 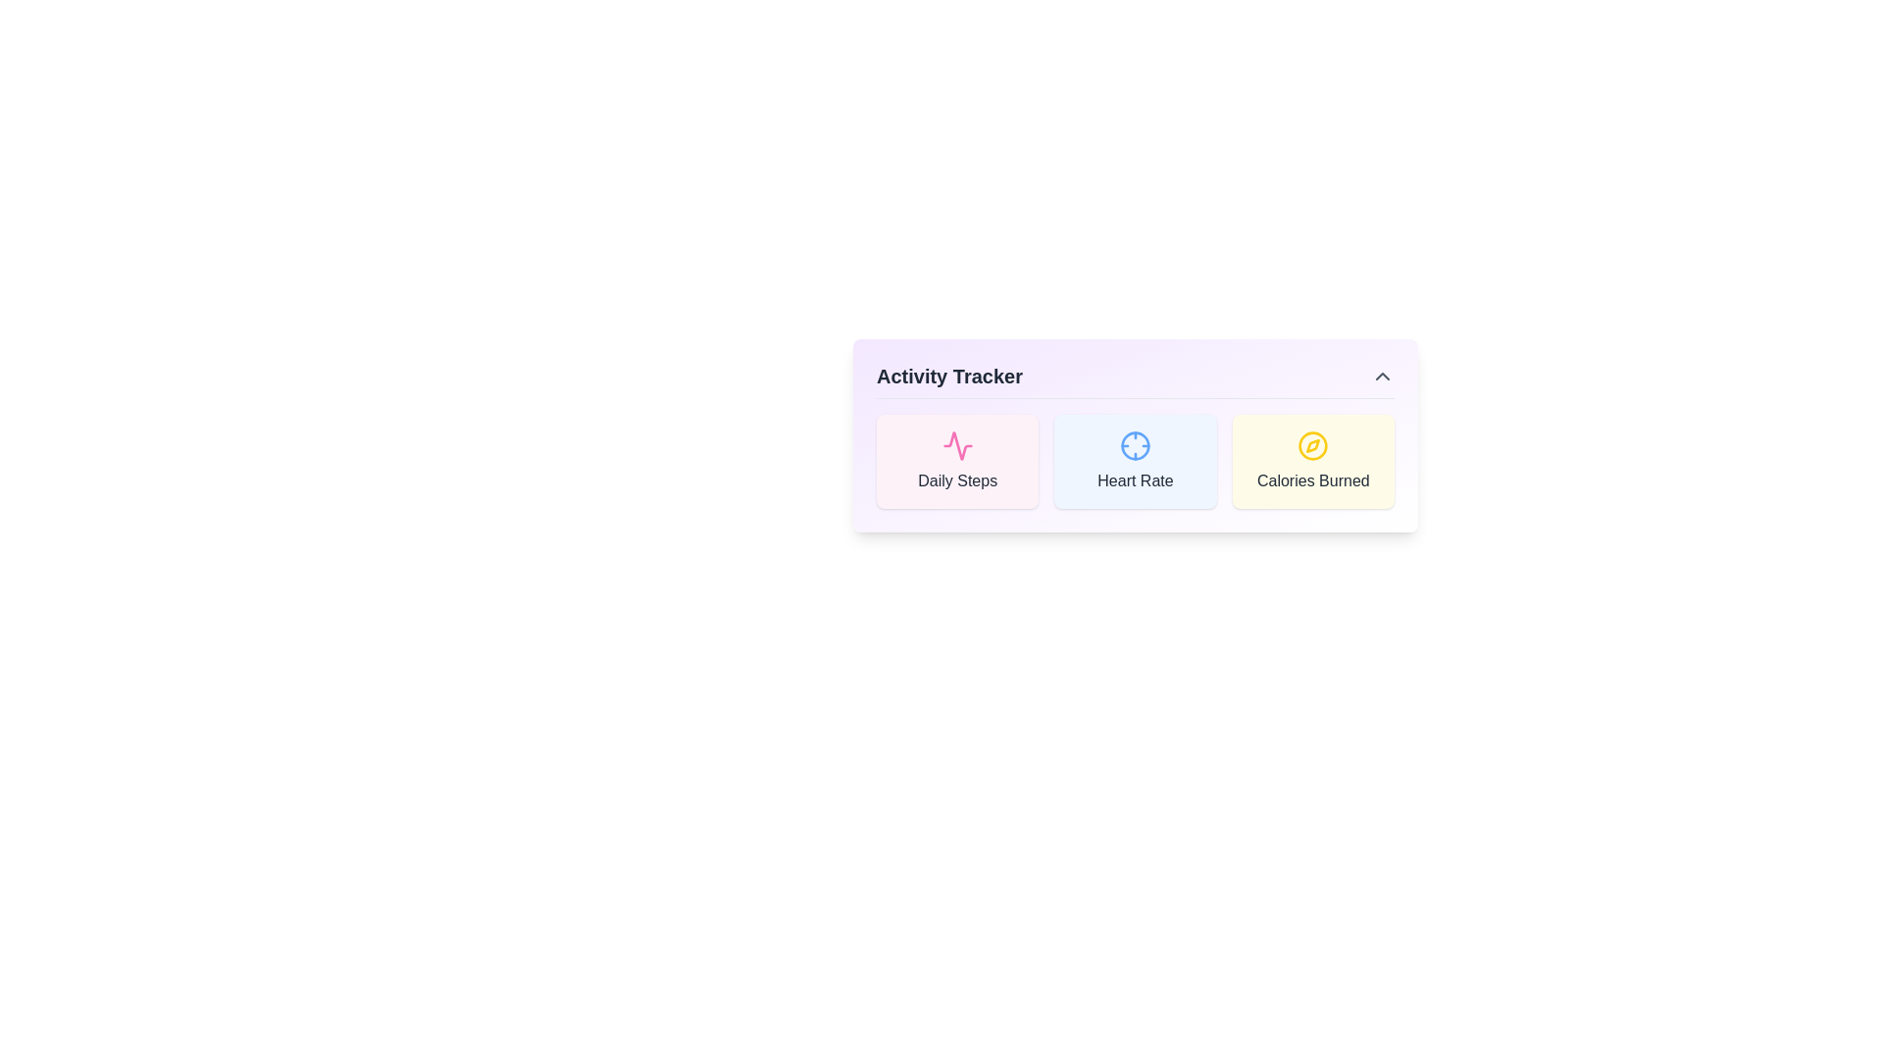 What do you see at coordinates (957, 461) in the screenshot?
I see `the daily step count card` at bounding box center [957, 461].